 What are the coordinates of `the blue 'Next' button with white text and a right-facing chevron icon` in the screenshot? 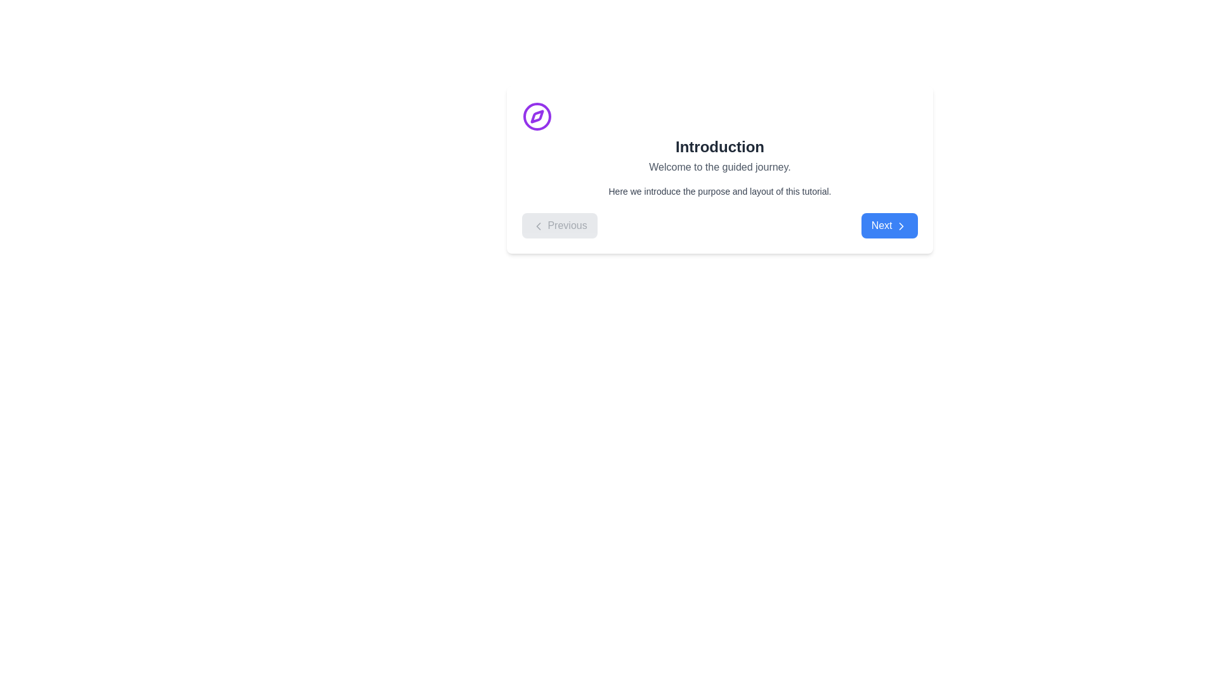 It's located at (889, 225).